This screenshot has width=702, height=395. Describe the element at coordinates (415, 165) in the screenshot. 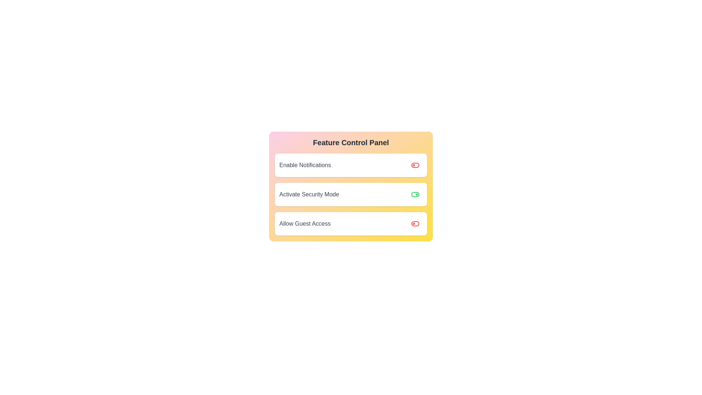

I see `the main body of the toggle switch located to the right of the 'Enable Notifications' label in the control panel` at that location.